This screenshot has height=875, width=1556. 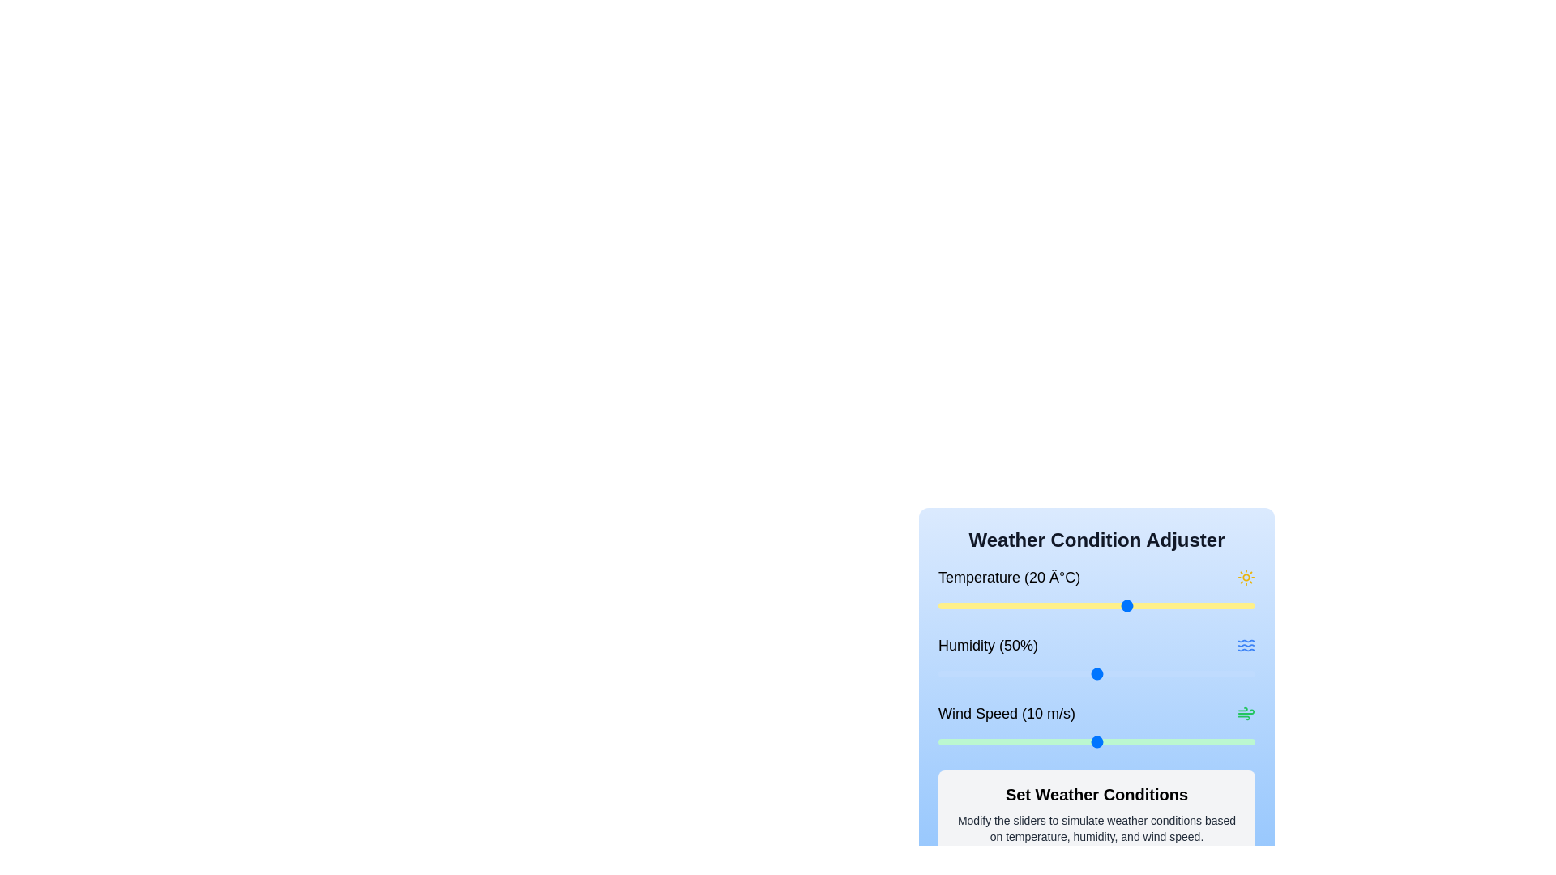 I want to click on the wind speed slider to set the wind speed to 11 m/s, so click(x=1111, y=741).